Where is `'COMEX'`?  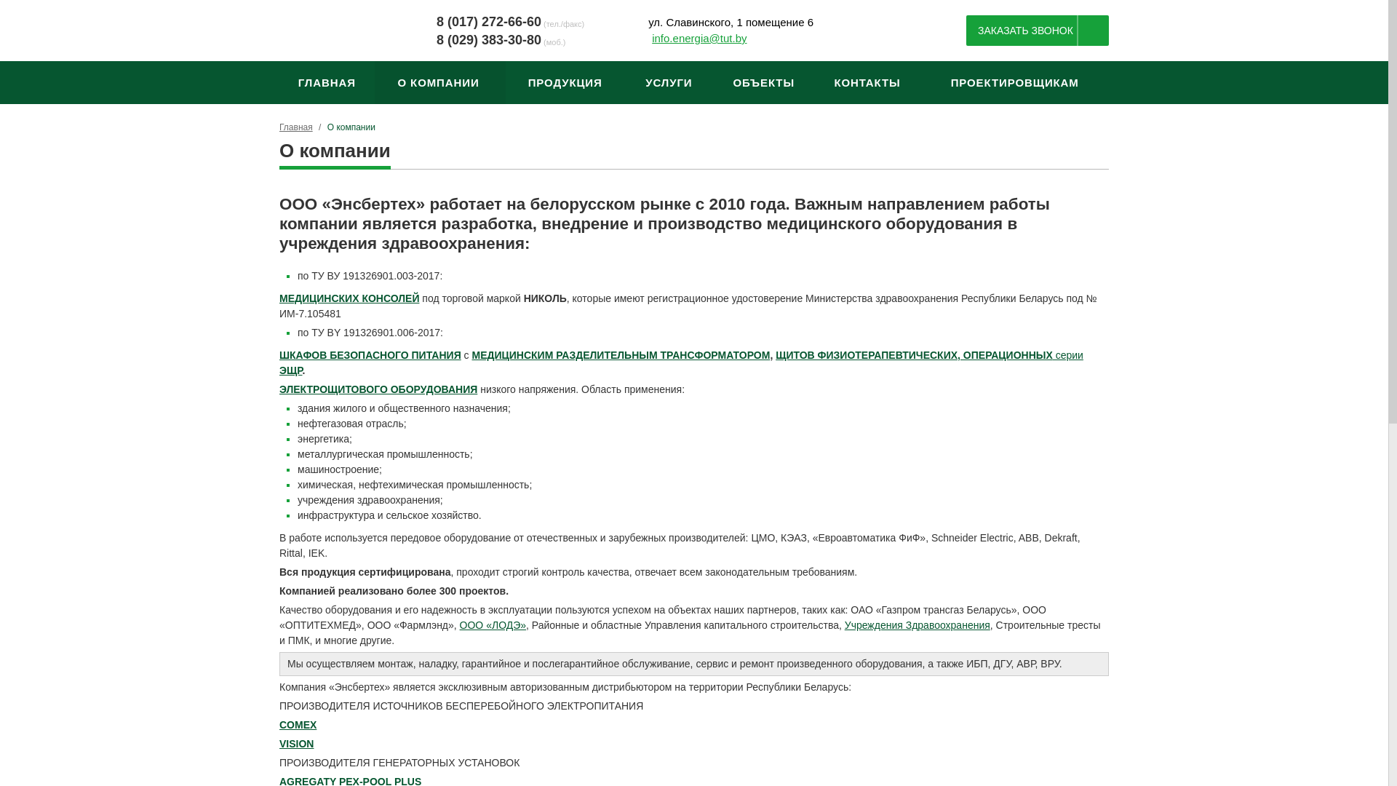 'COMEX' is located at coordinates (297, 724).